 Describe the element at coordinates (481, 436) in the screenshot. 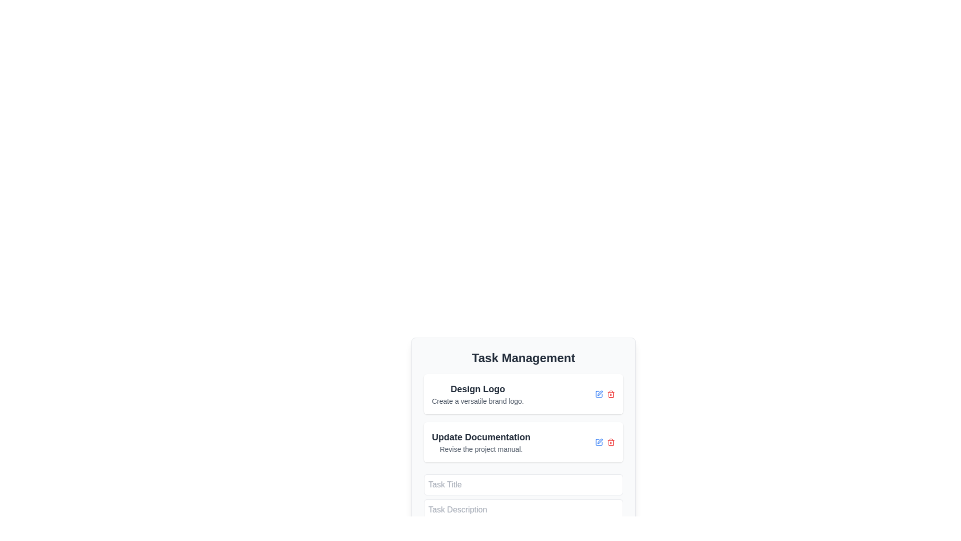

I see `text label titled 'Update Documentation' located in the second task group of the task management interface` at that location.